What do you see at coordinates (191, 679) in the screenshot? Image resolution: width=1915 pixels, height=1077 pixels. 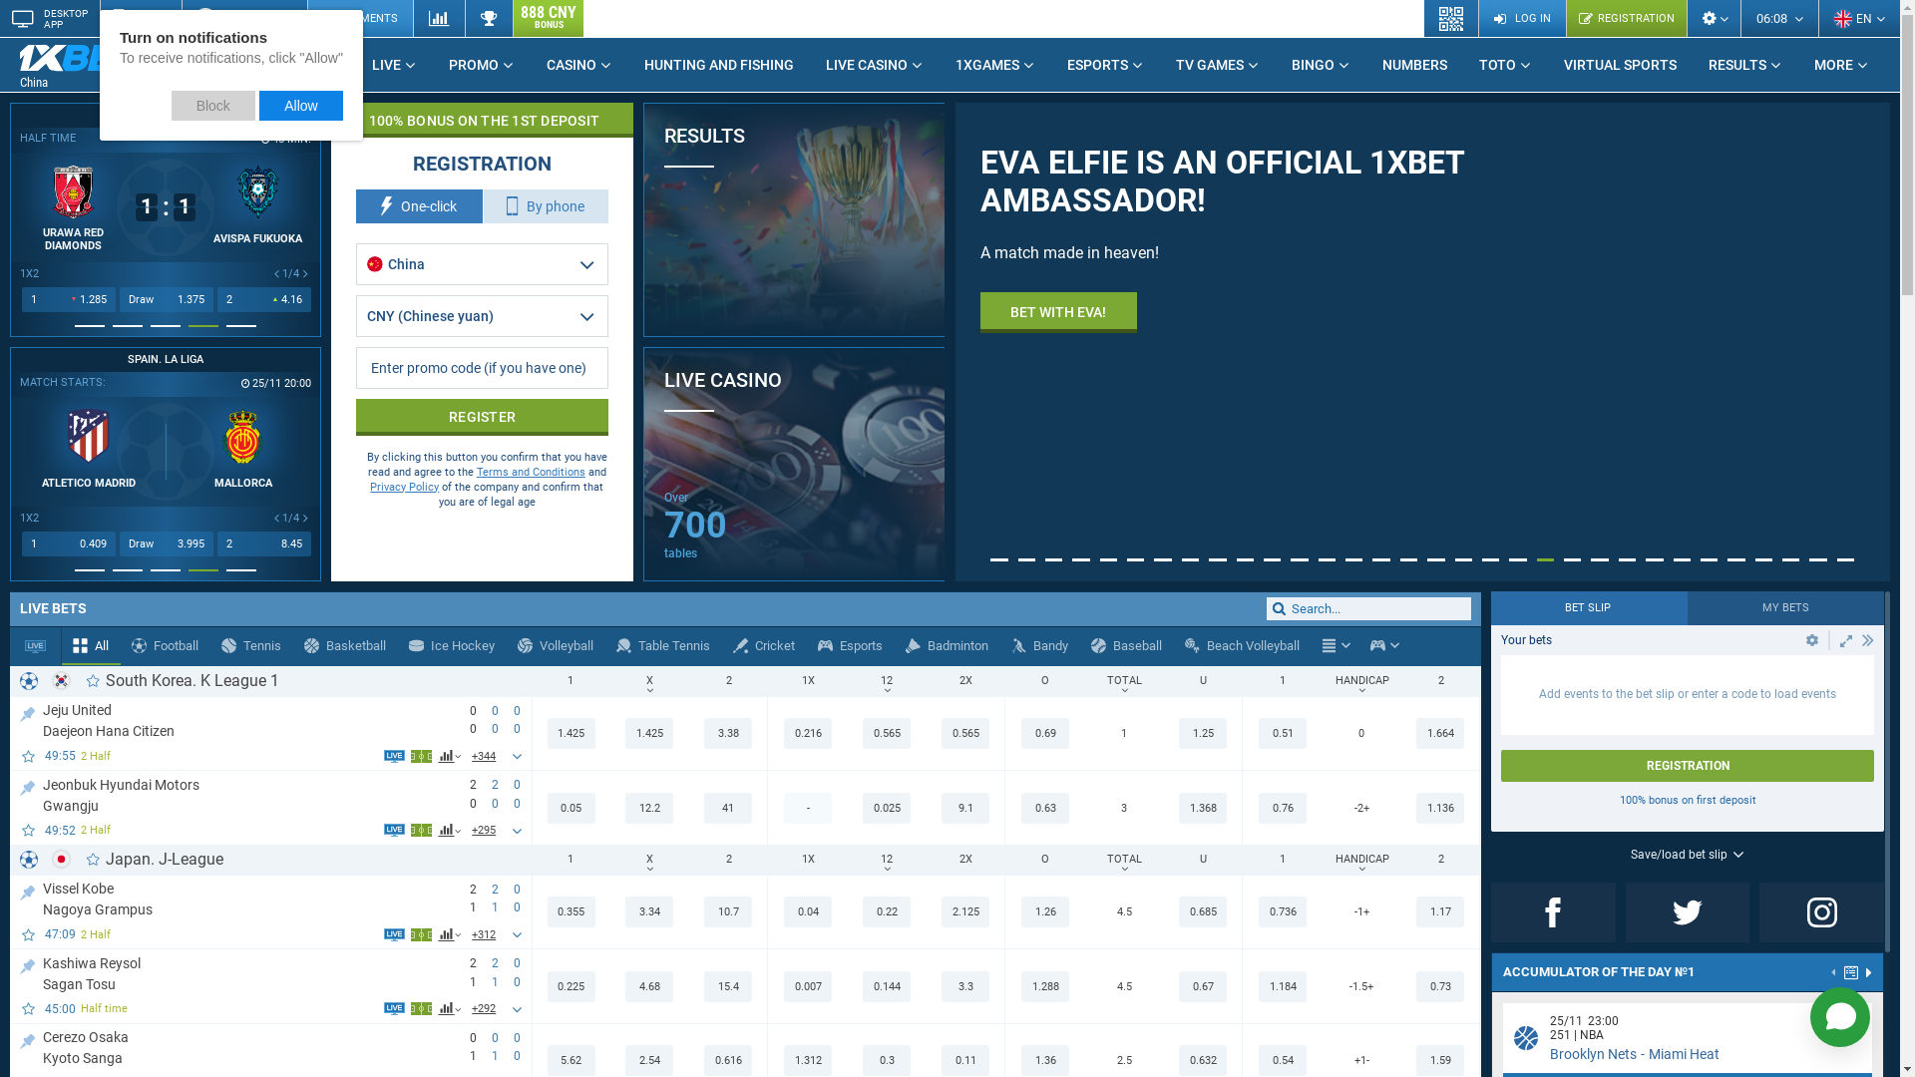 I see `'South Korea. K League 1'` at bounding box center [191, 679].